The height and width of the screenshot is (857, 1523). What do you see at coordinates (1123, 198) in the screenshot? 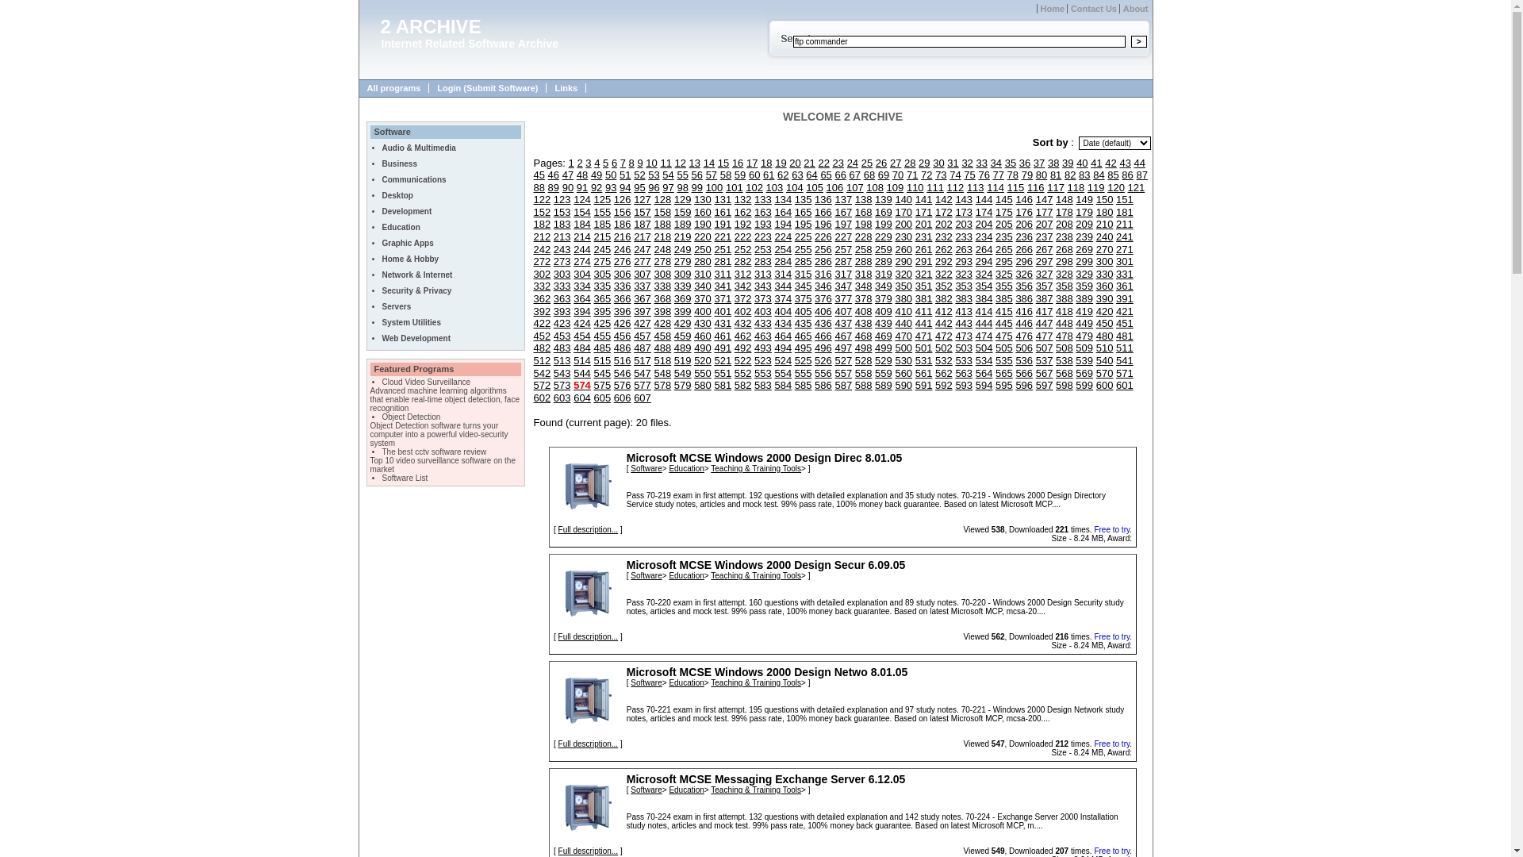
I see `'151'` at bounding box center [1123, 198].